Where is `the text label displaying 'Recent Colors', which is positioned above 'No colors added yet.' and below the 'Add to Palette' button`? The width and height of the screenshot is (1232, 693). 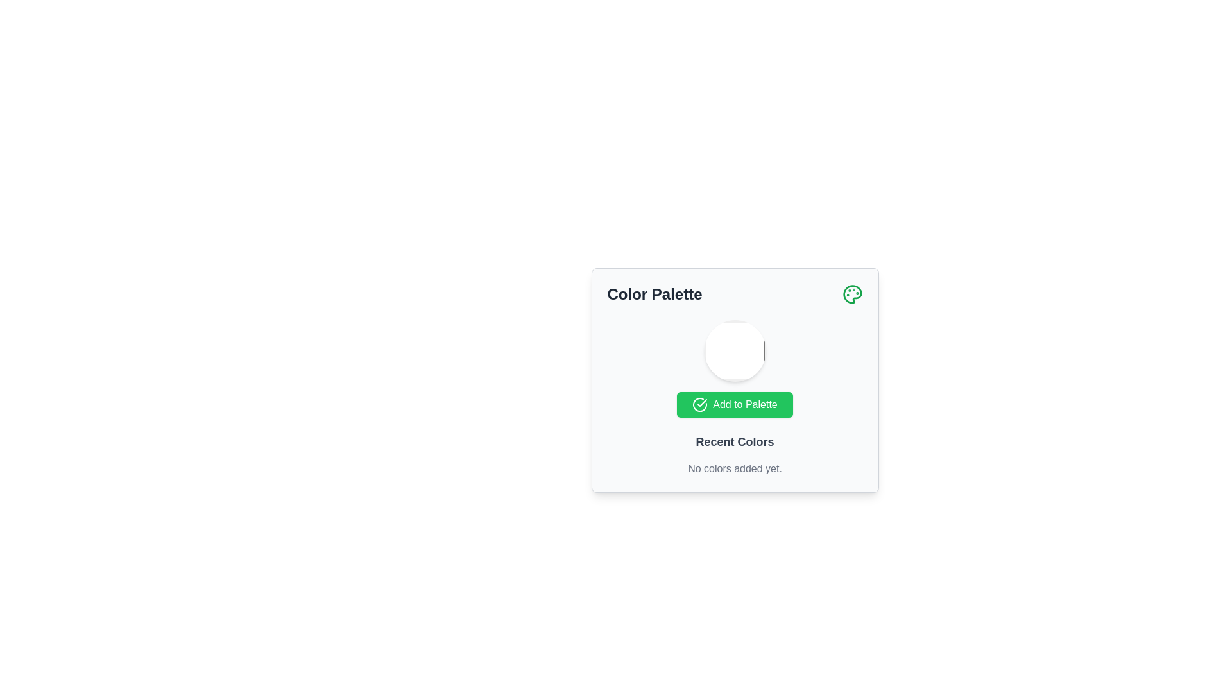
the text label displaying 'Recent Colors', which is positioned above 'No colors added yet.' and below the 'Add to Palette' button is located at coordinates (735, 441).